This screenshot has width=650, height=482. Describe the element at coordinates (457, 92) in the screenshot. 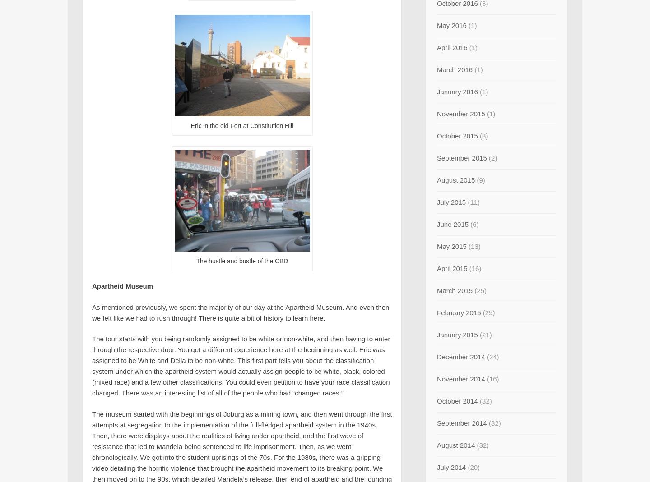

I see `'January 2016'` at that location.